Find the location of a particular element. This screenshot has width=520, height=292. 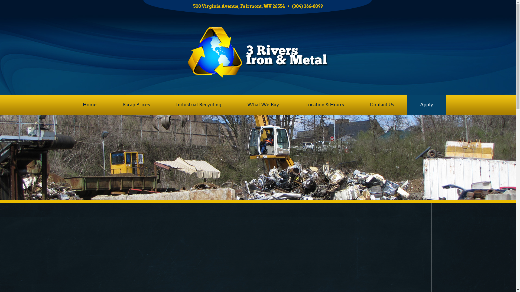

'Home' is located at coordinates (90, 105).